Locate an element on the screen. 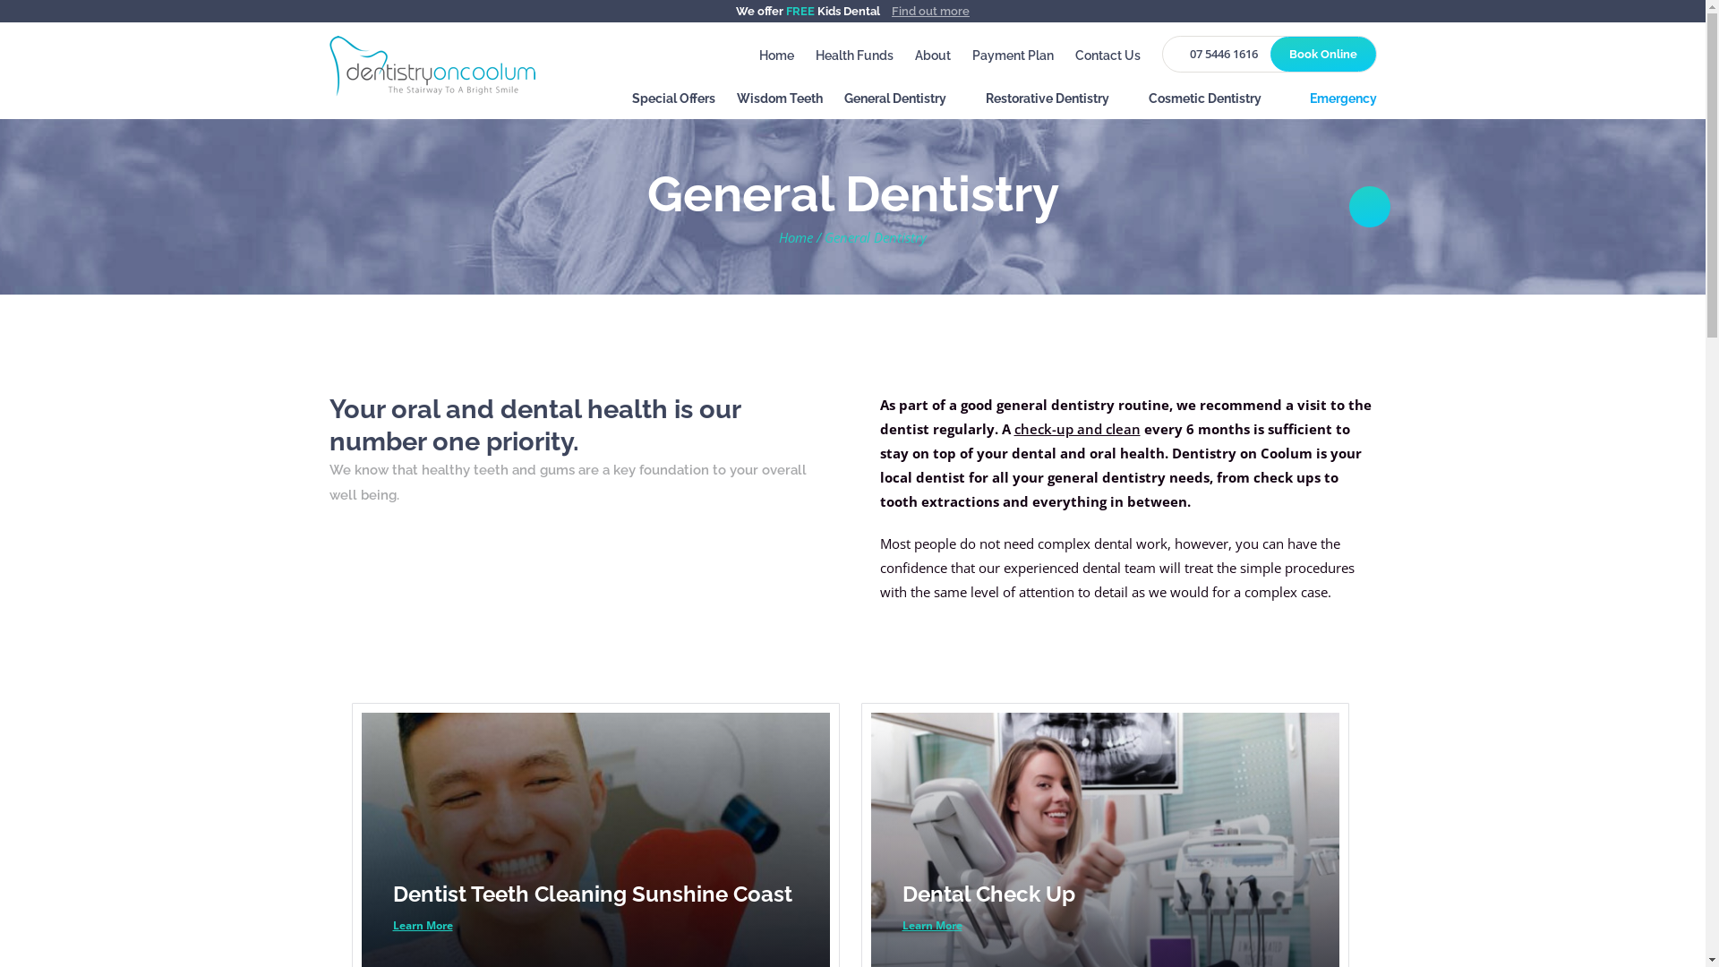  'About' is located at coordinates (931, 55).